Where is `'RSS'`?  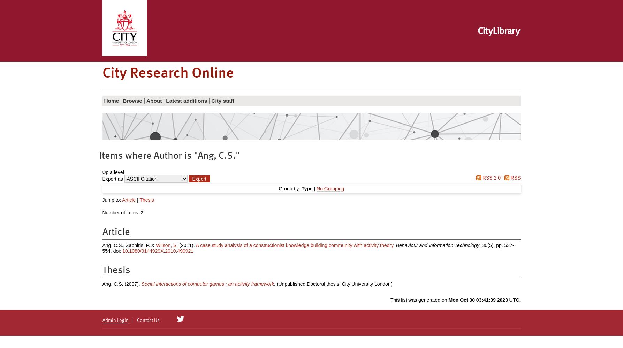 'RSS' is located at coordinates (515, 178).